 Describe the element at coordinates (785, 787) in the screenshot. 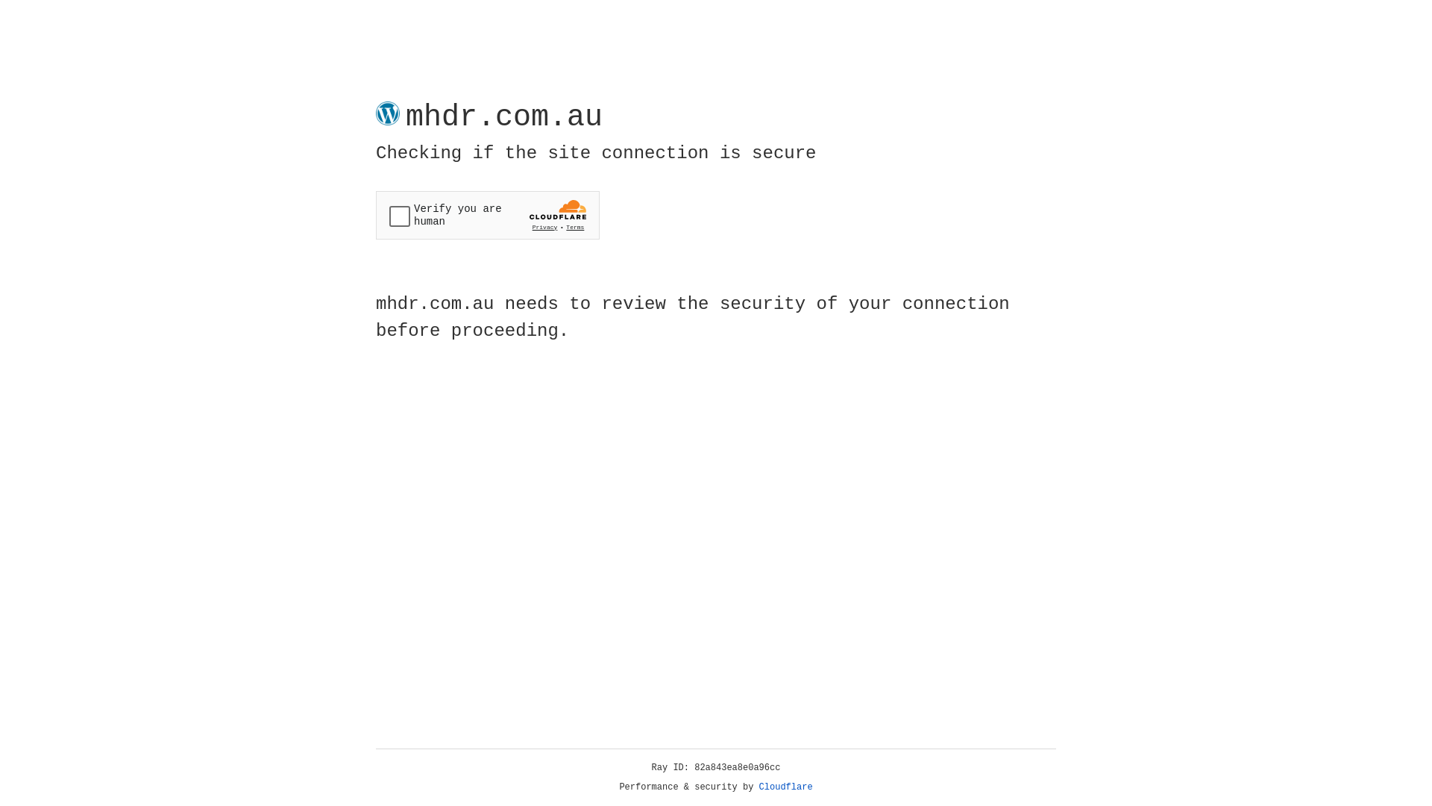

I see `'Cloudflare'` at that location.